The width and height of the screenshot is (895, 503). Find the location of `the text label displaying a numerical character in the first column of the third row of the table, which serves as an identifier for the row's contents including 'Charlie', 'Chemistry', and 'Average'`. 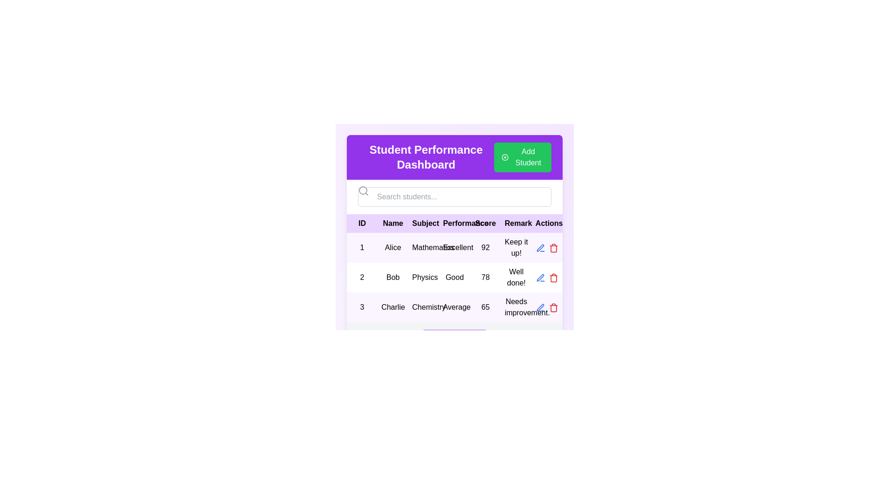

the text label displaying a numerical character in the first column of the third row of the table, which serves as an identifier for the row's contents including 'Charlie', 'Chemistry', and 'Average' is located at coordinates (362, 307).